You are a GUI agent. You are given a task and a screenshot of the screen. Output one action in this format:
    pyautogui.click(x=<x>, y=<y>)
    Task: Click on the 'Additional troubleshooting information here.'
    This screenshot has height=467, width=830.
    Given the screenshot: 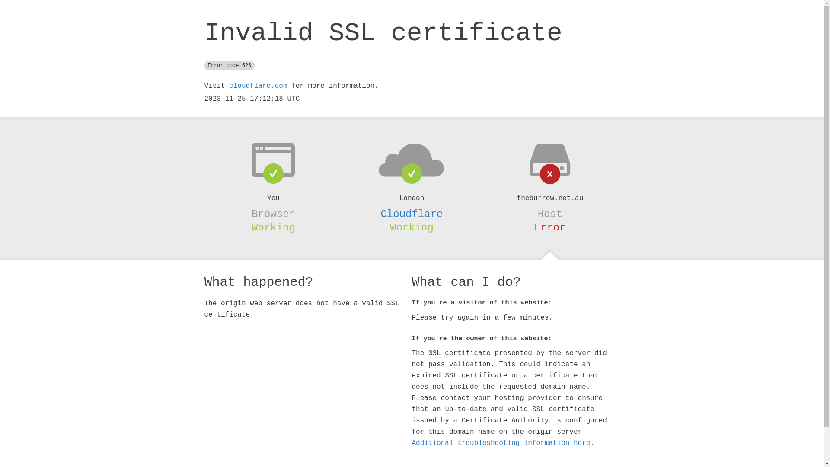 What is the action you would take?
    pyautogui.click(x=502, y=443)
    